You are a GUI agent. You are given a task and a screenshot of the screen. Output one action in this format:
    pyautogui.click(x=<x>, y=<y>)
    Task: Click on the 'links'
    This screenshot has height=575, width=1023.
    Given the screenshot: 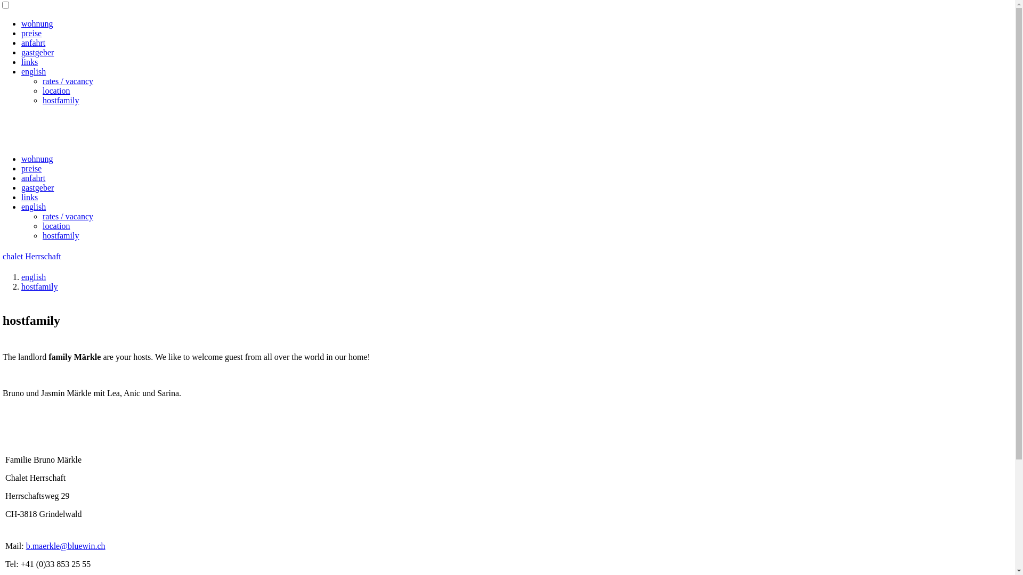 What is the action you would take?
    pyautogui.click(x=29, y=62)
    